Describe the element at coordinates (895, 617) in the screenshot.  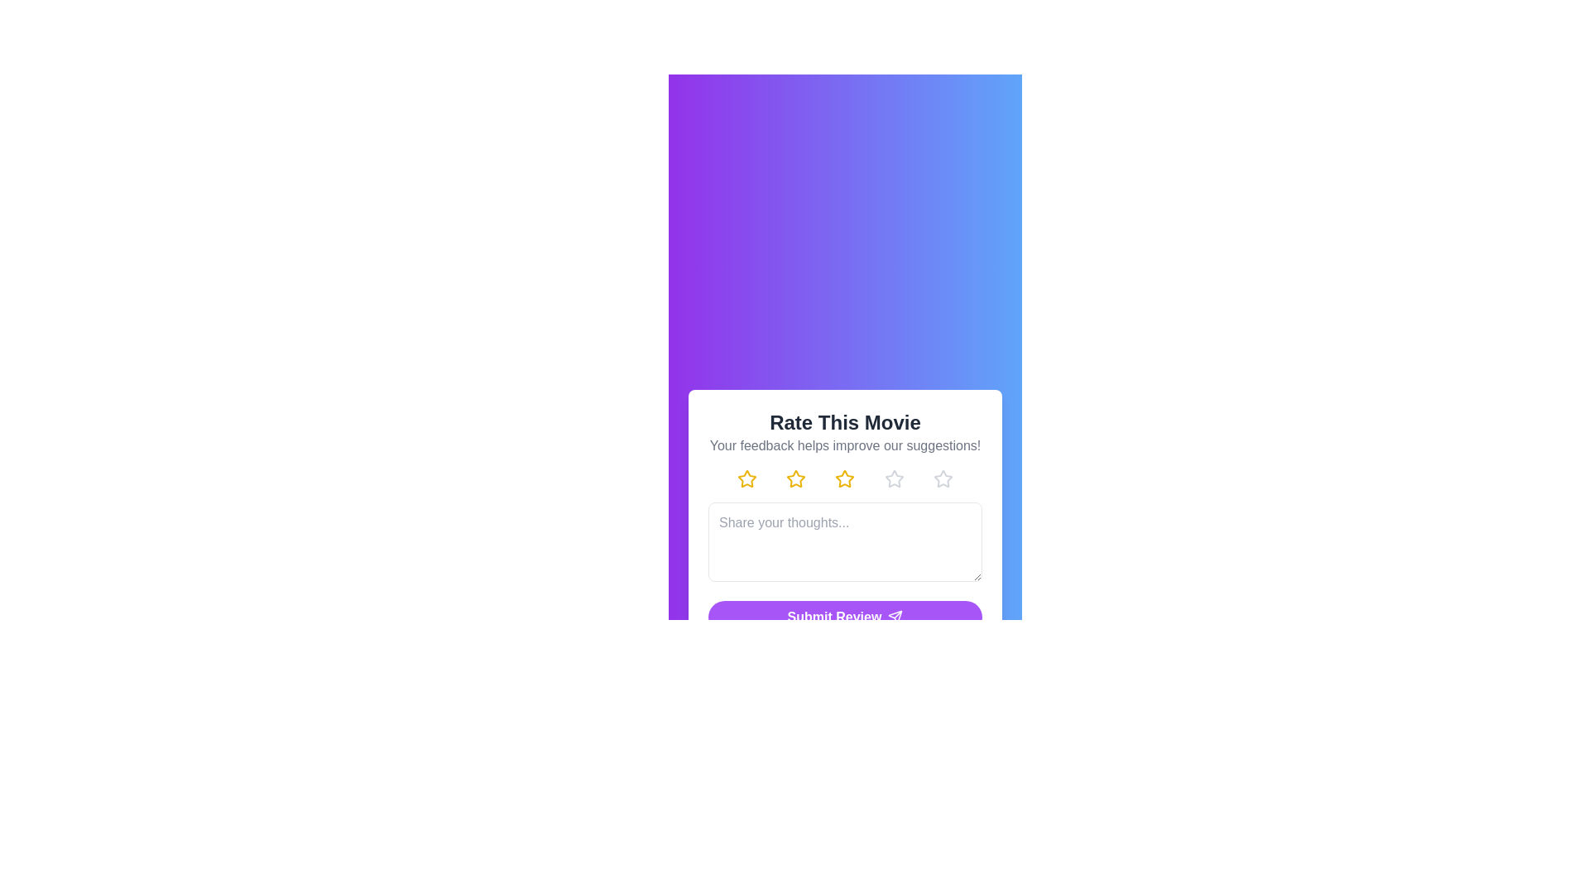
I see `the send arrow icon with a white outline located within the purple circle, part of the 'Submit Review' button` at that location.